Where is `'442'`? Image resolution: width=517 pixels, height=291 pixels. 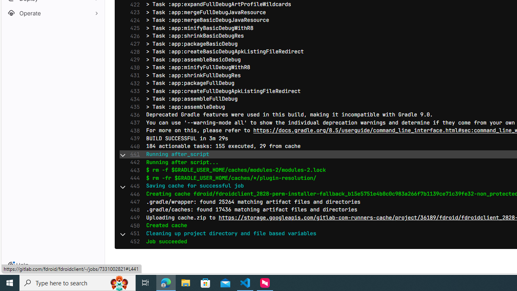 '442' is located at coordinates (133, 162).